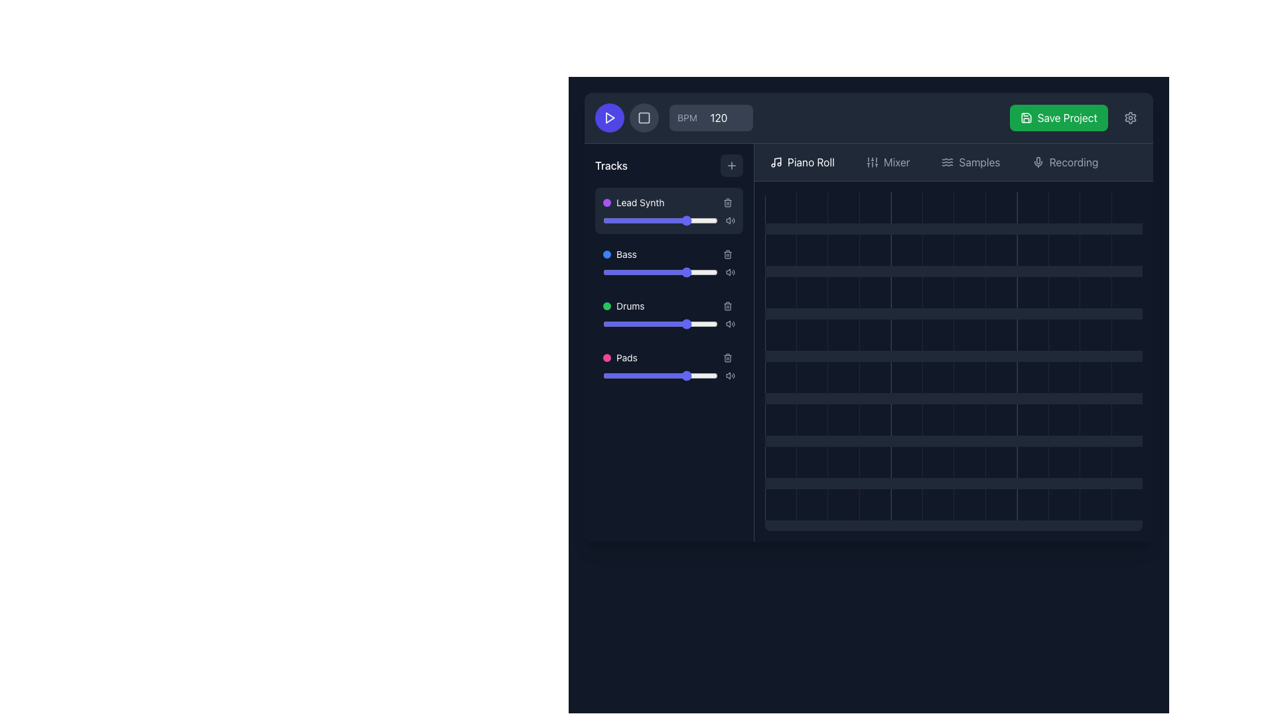  I want to click on the interactive grid cell located, so click(1032, 292).